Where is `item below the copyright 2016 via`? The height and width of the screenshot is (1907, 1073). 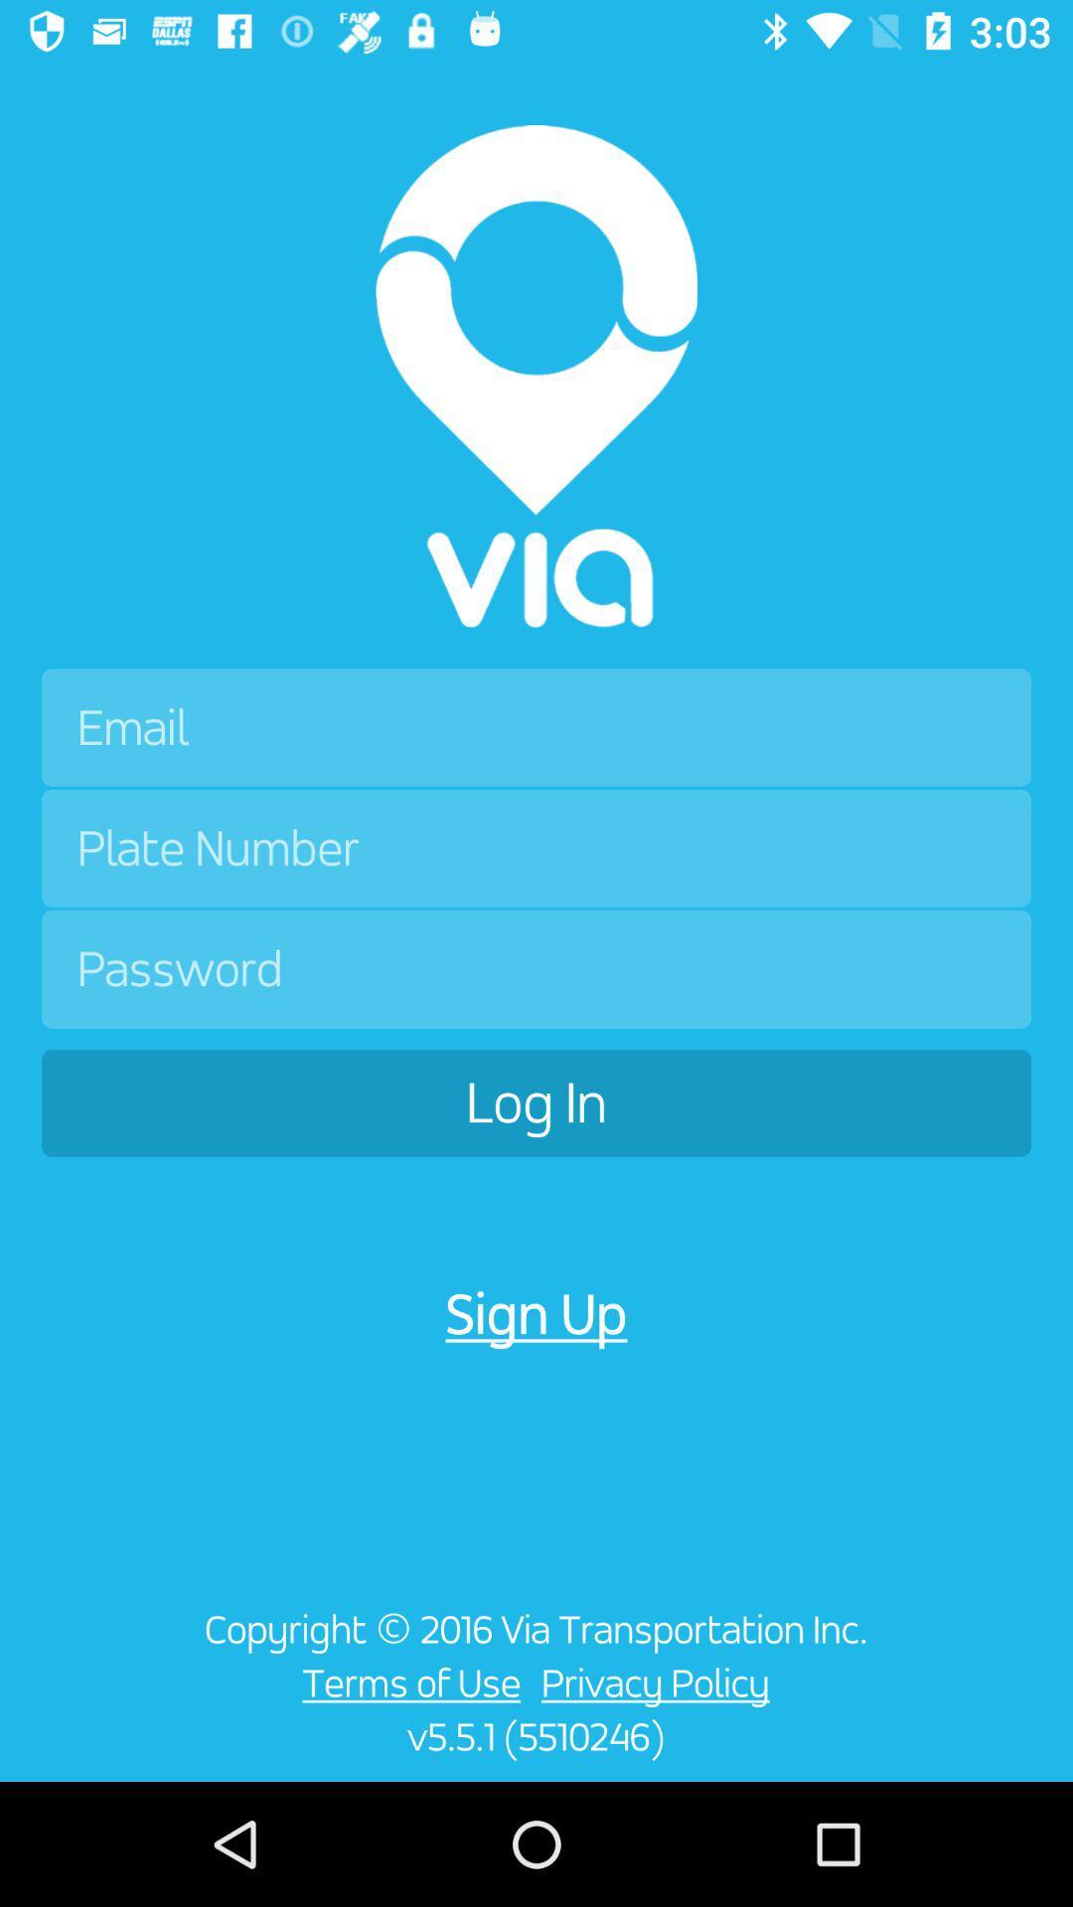
item below the copyright 2016 via is located at coordinates (405, 1682).